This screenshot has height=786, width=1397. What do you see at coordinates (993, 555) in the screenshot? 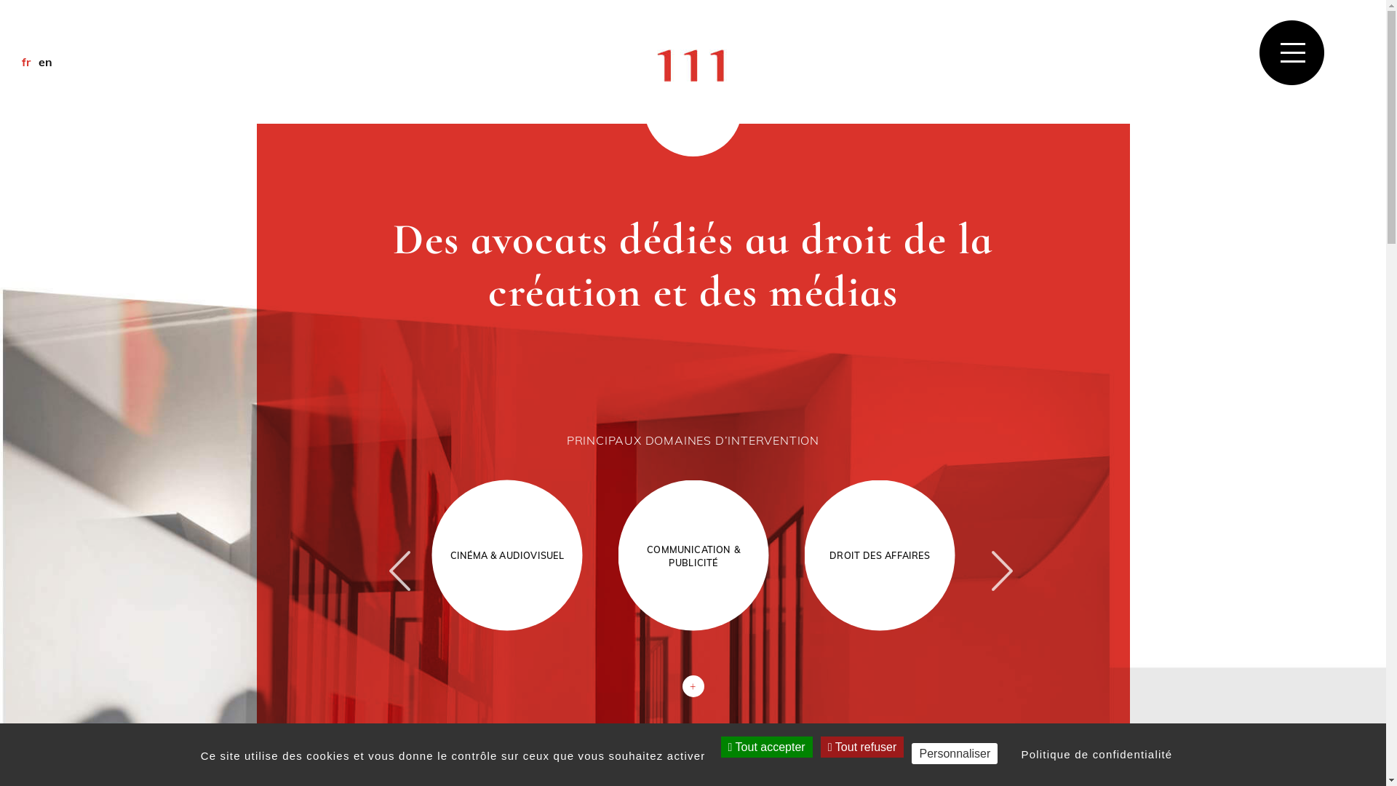
I see `'Next'` at bounding box center [993, 555].